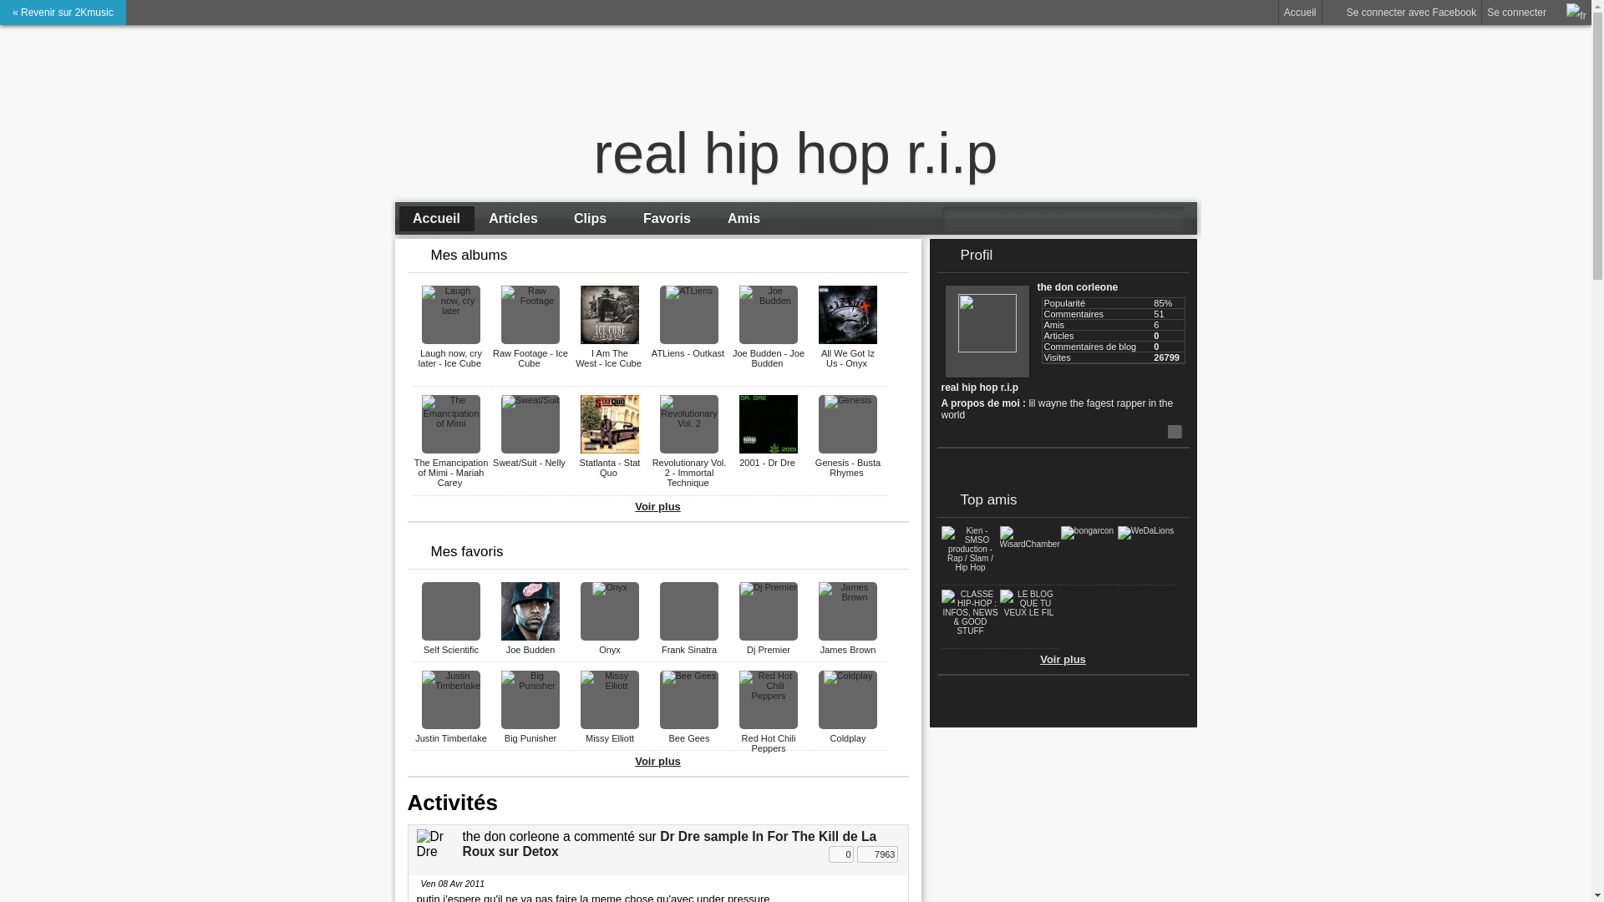  What do you see at coordinates (450, 737) in the screenshot?
I see `'Justin Timberlake'` at bounding box center [450, 737].